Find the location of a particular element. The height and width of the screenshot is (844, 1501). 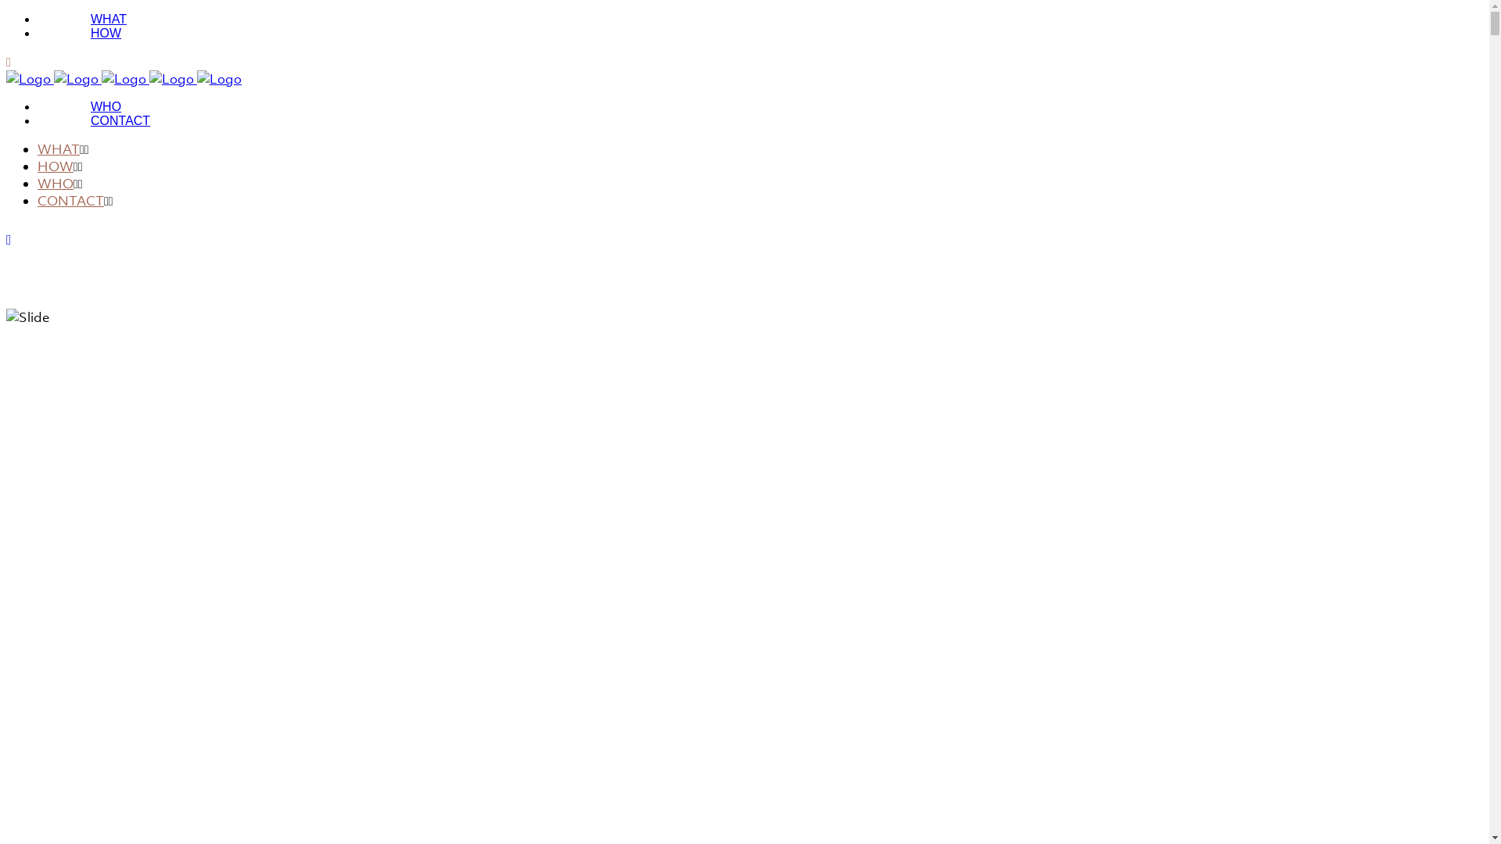

'HOW' is located at coordinates (56, 166).